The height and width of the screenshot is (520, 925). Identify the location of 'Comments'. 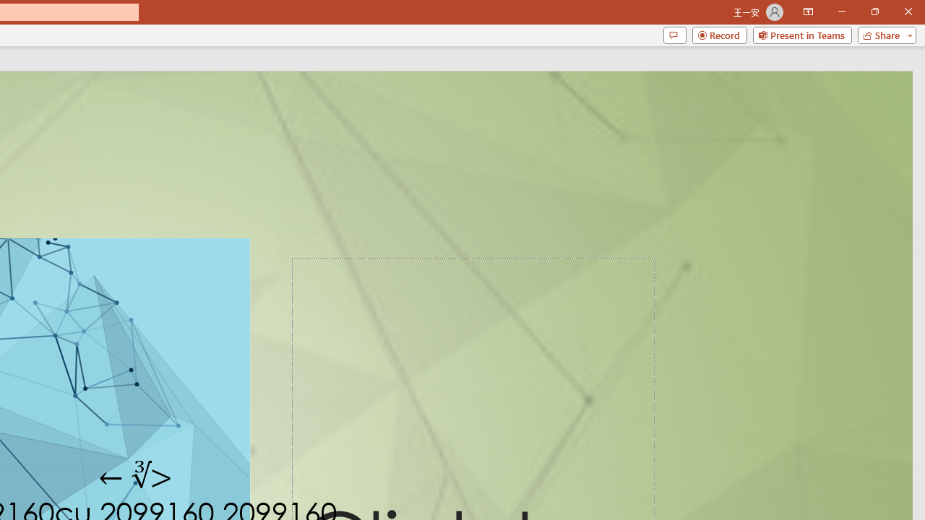
(674, 34).